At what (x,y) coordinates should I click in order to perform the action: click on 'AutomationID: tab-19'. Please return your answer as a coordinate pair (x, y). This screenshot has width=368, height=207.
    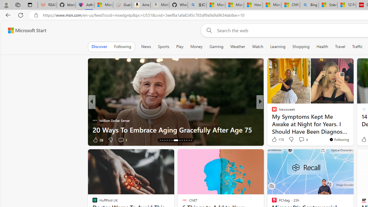
    Looking at the image, I should click on (171, 140).